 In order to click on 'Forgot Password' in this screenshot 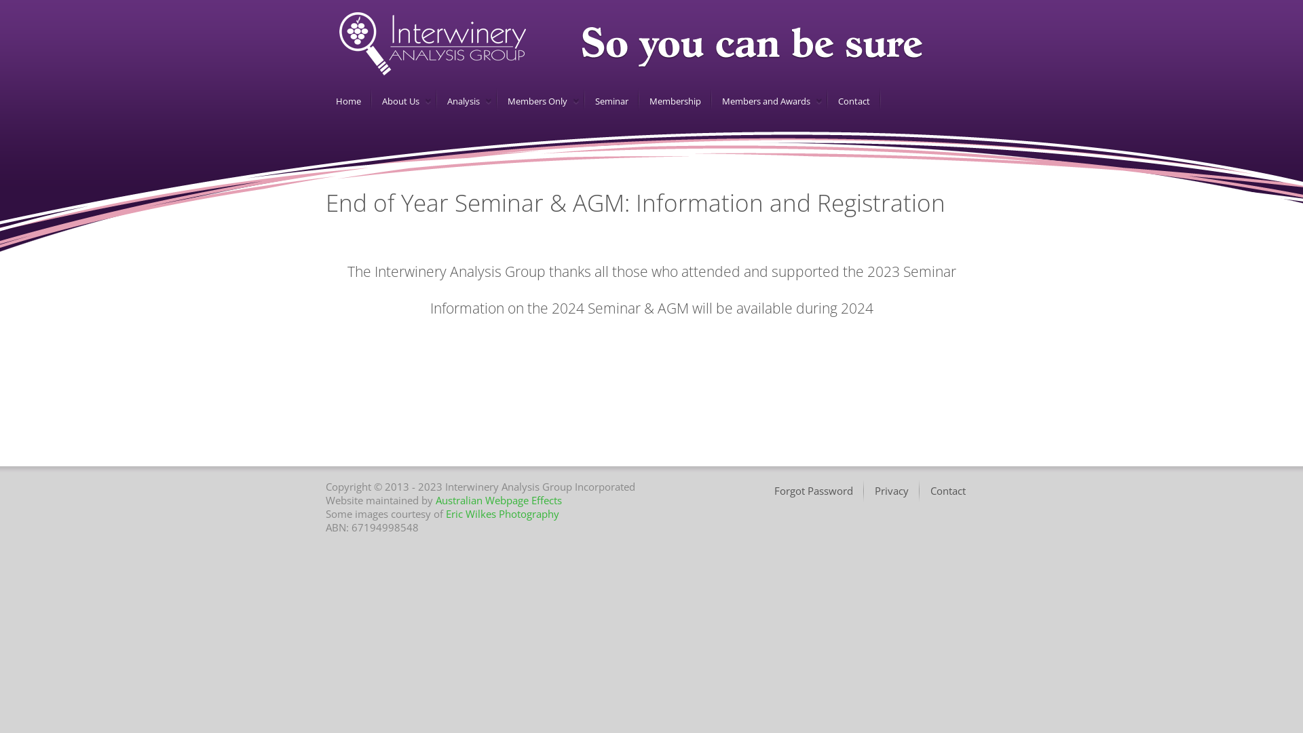, I will do `click(814, 491)`.